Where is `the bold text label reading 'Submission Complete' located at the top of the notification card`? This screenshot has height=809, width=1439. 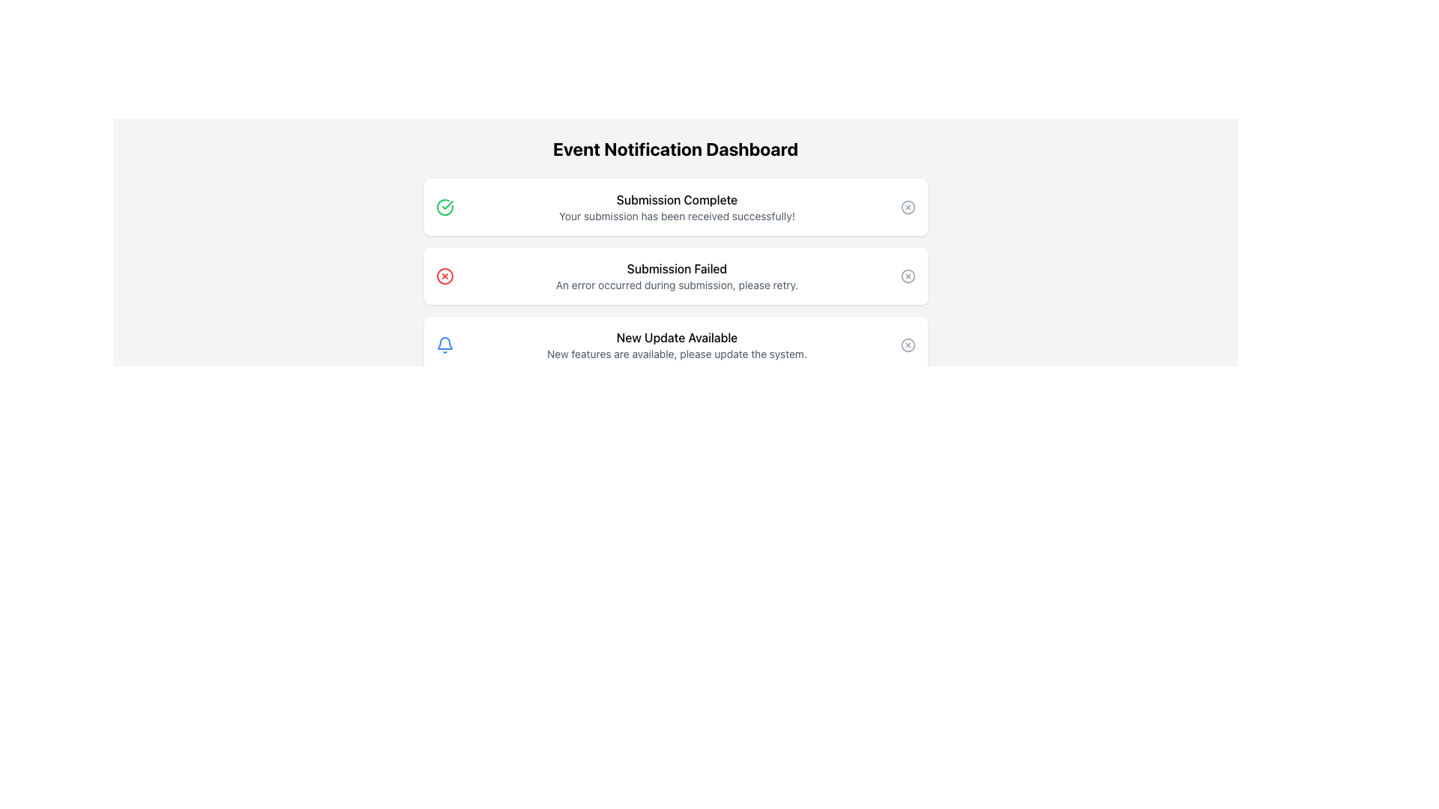
the bold text label reading 'Submission Complete' located at the top of the notification card is located at coordinates (676, 199).